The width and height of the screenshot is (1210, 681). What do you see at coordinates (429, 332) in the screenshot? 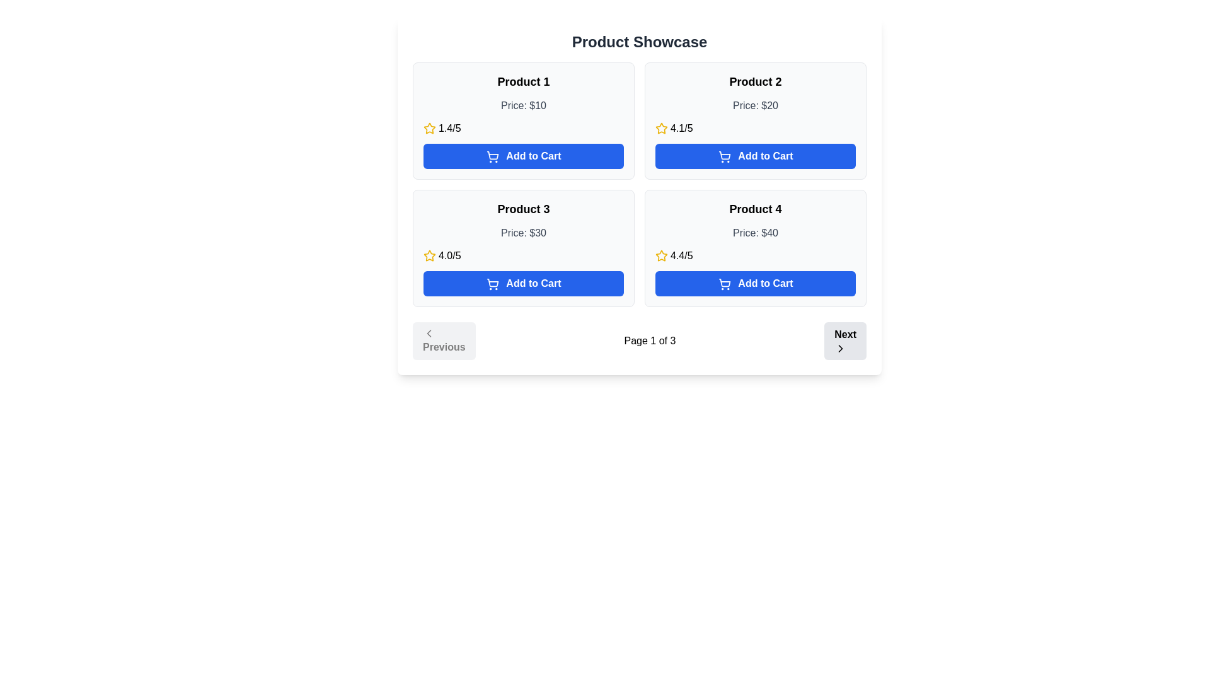
I see `the left-pointing chevron icon within the 'Previous' button at the bottom left of the page` at bounding box center [429, 332].